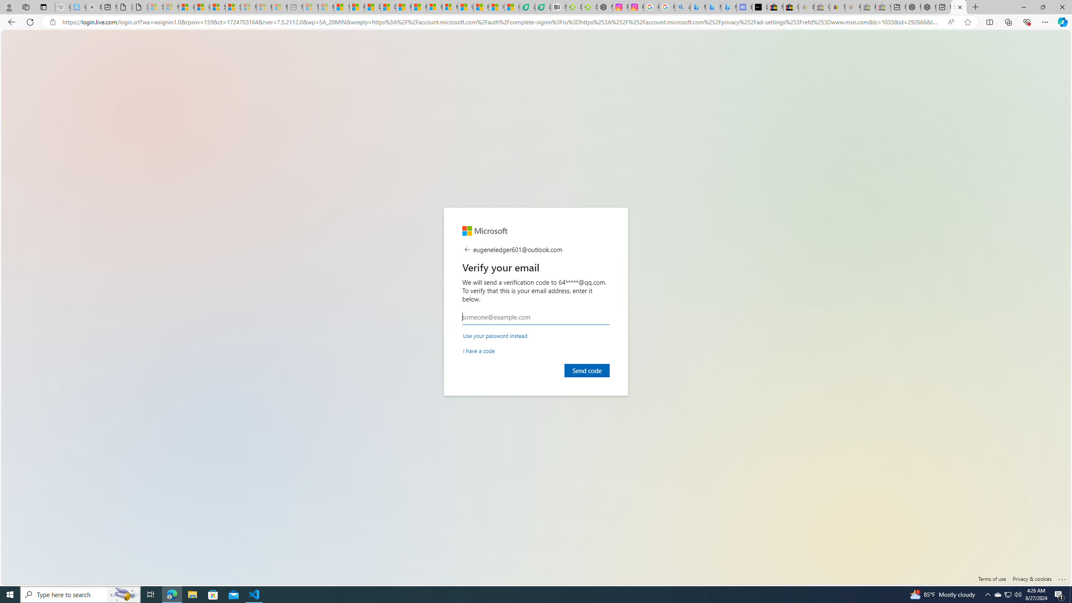  What do you see at coordinates (536, 317) in the screenshot?
I see `'Email'` at bounding box center [536, 317].